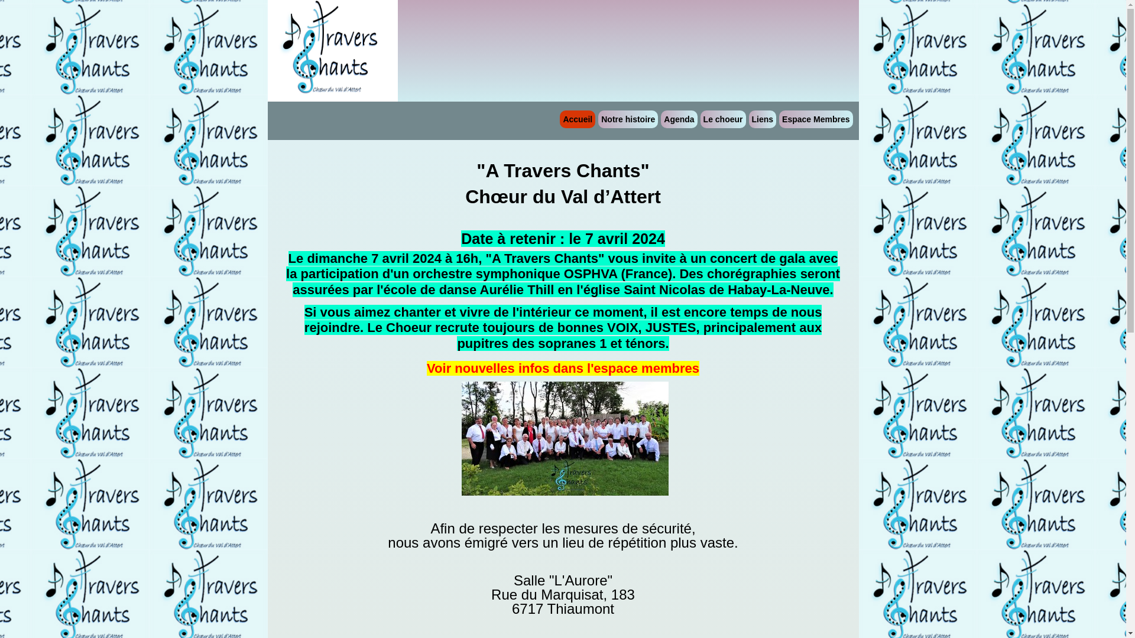  I want to click on 'Notre histoire', so click(627, 119).